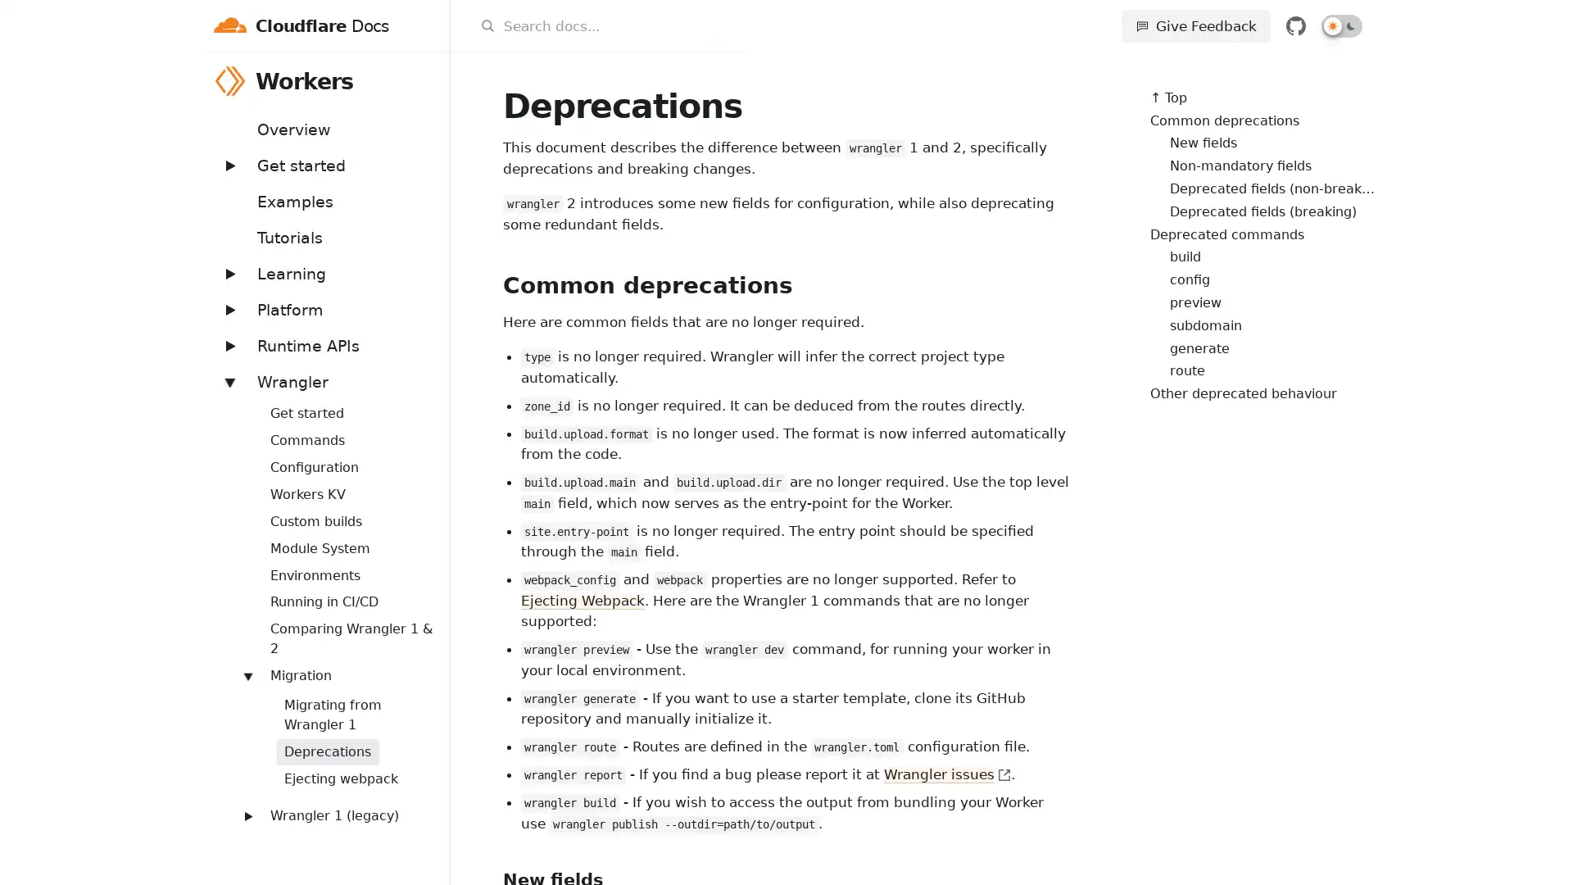  I want to click on Expand: Migration, so click(247, 675).